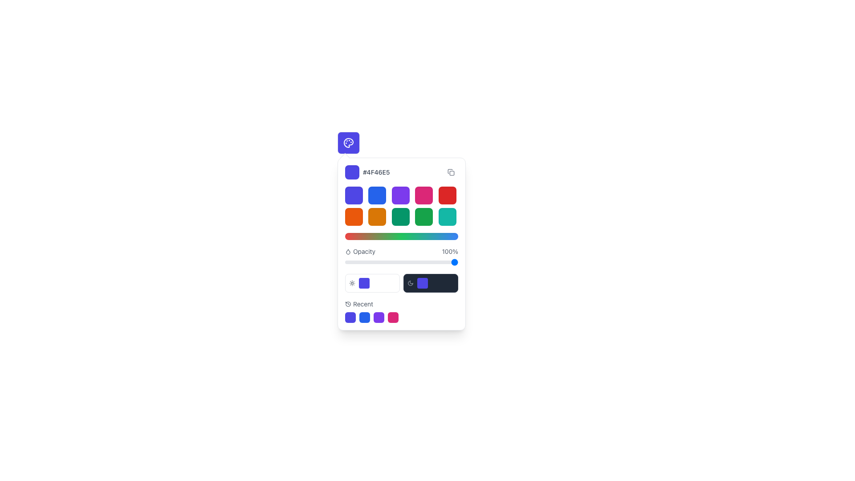 The width and height of the screenshot is (855, 481). I want to click on the icon button with a white palette symbol on a solid blue background, so click(348, 142).